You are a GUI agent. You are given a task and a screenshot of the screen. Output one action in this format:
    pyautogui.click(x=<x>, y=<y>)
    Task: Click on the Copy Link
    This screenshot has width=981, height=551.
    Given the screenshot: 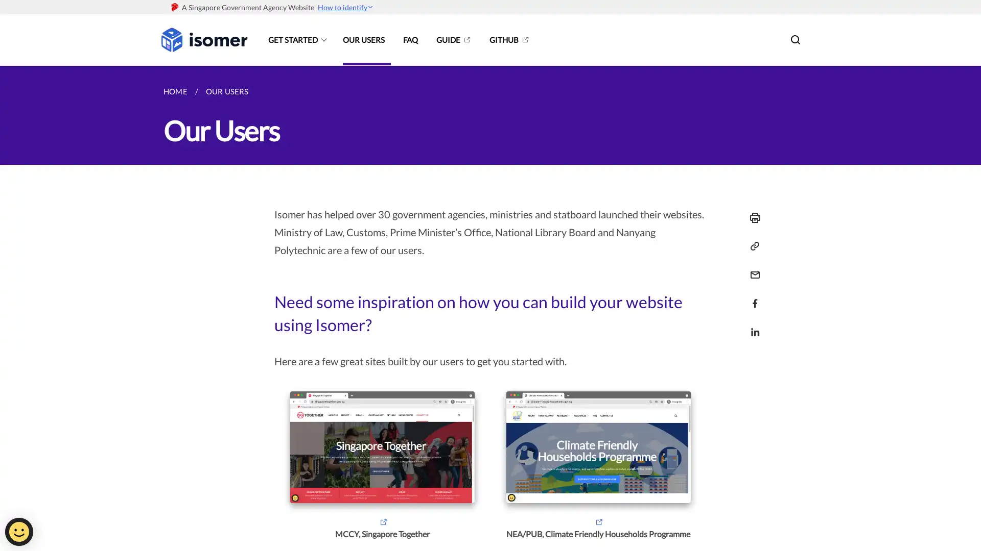 What is the action you would take?
    pyautogui.click(x=752, y=246)
    